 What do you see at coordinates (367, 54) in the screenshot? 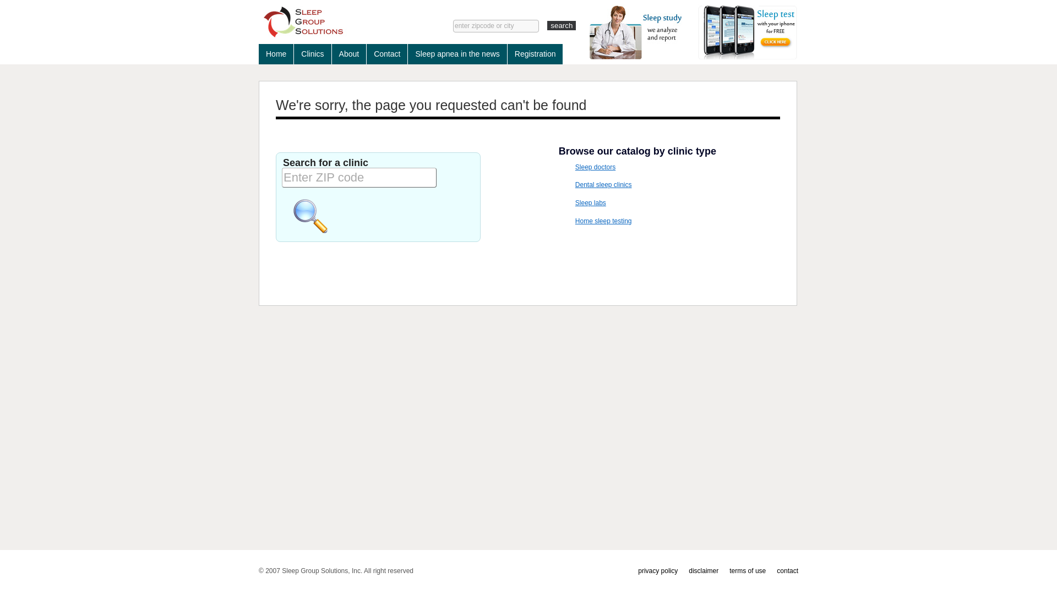
I see `'Contact'` at bounding box center [367, 54].